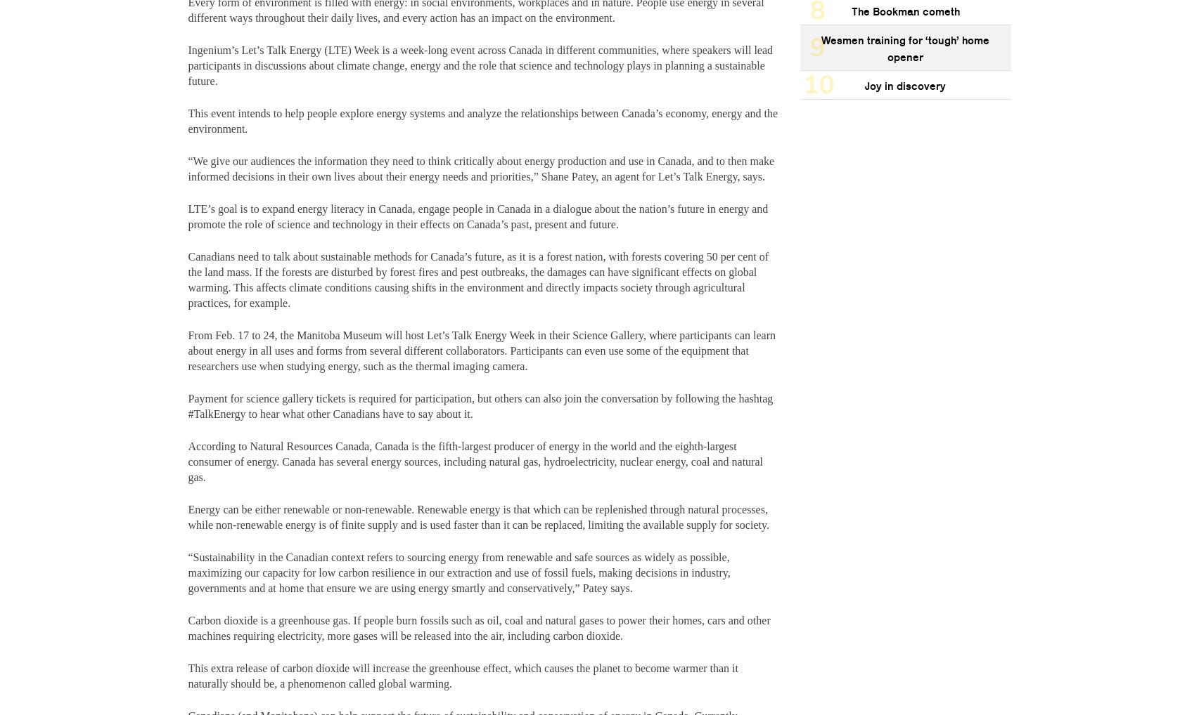 The height and width of the screenshot is (715, 1199). Describe the element at coordinates (819, 84) in the screenshot. I see `'10'` at that location.